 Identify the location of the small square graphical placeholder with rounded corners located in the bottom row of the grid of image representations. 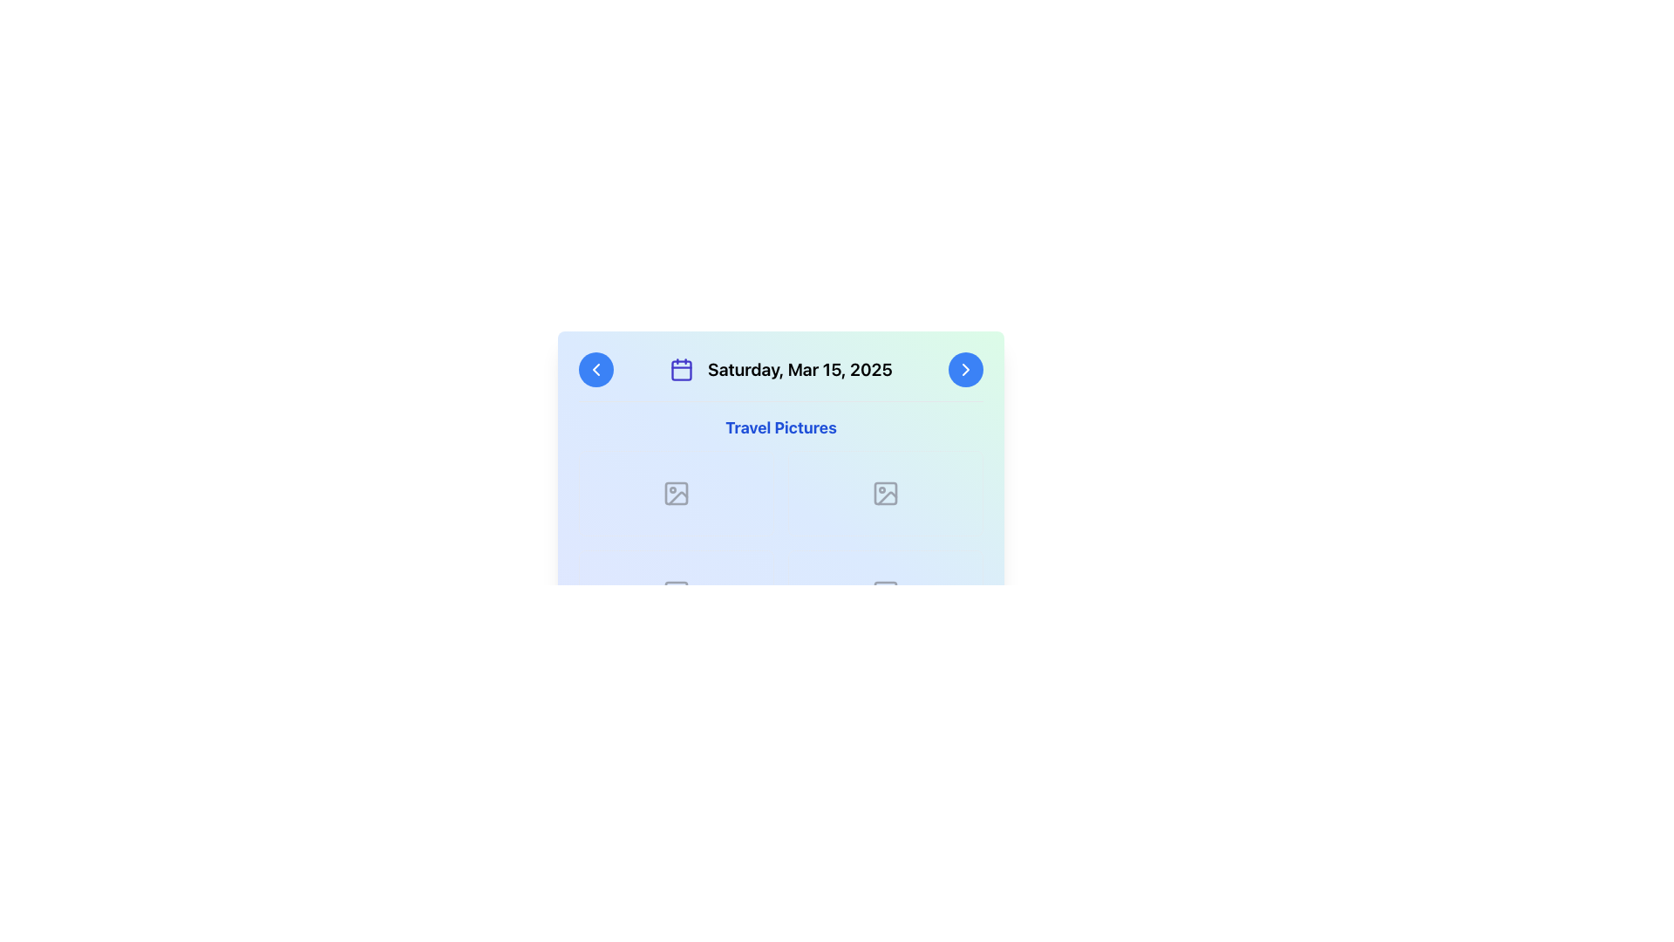
(676, 591).